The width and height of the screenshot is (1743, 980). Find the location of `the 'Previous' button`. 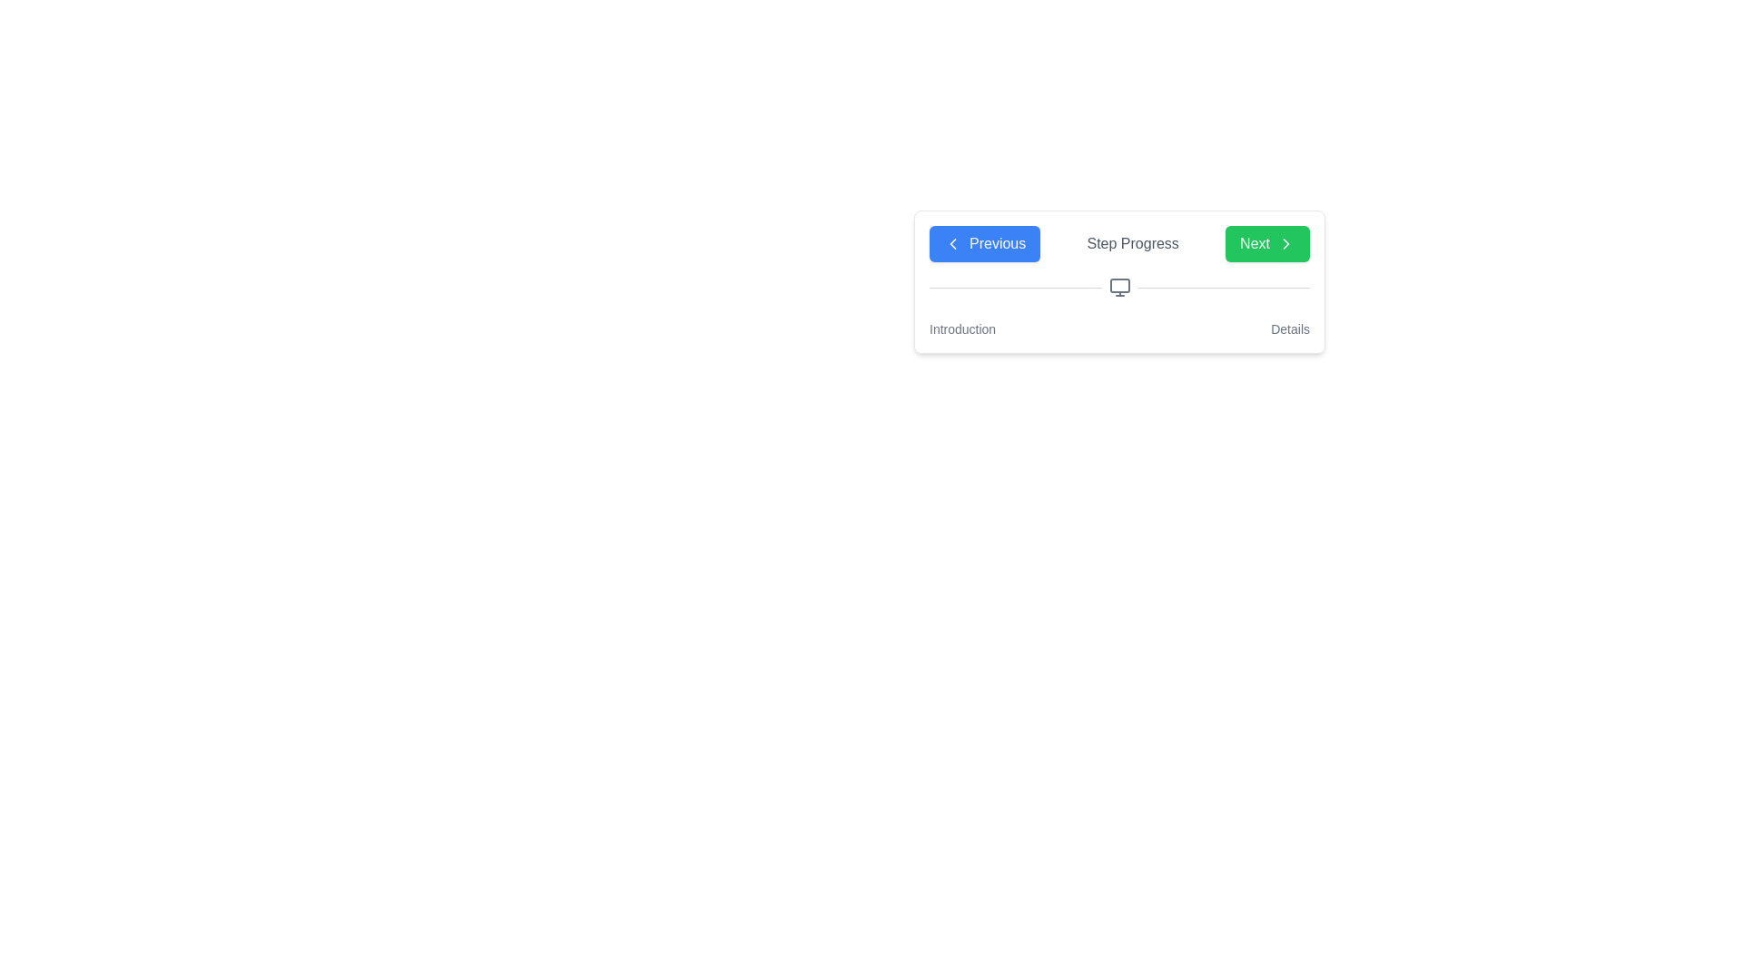

the 'Previous' button is located at coordinates (984, 243).